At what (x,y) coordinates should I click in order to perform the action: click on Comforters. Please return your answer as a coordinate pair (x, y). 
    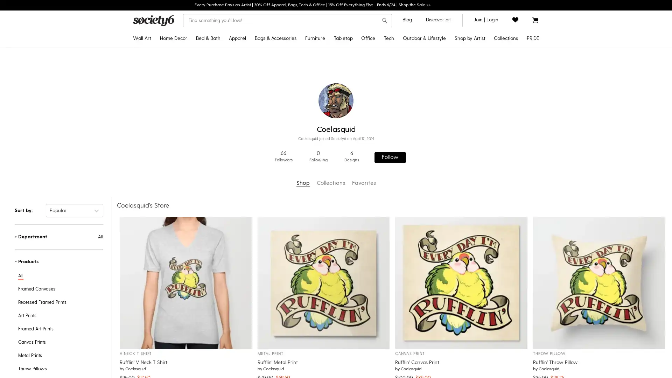
    Looking at the image, I should click on (223, 56).